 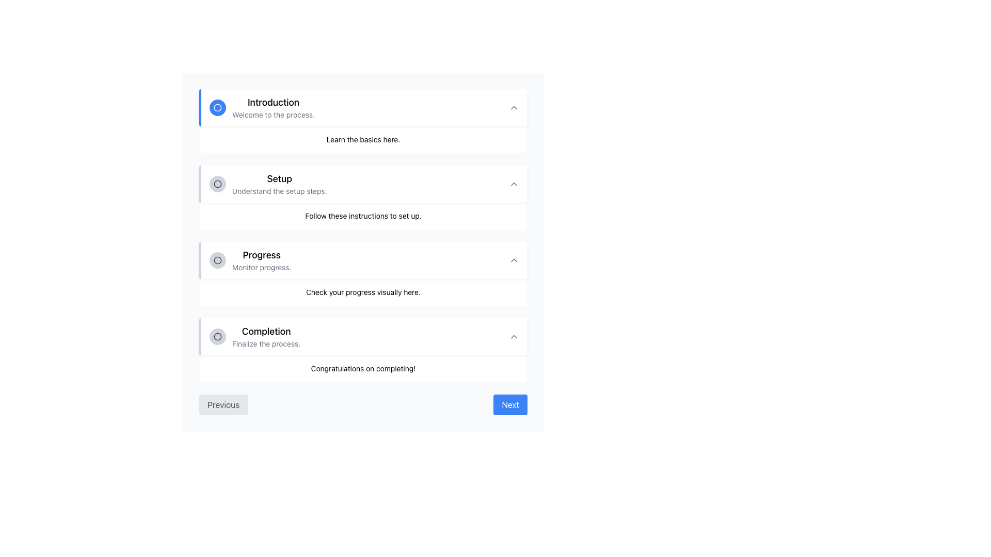 I want to click on the 'Previous' button, which is a rectangular button with gray text on a light gray background, so click(x=223, y=404).